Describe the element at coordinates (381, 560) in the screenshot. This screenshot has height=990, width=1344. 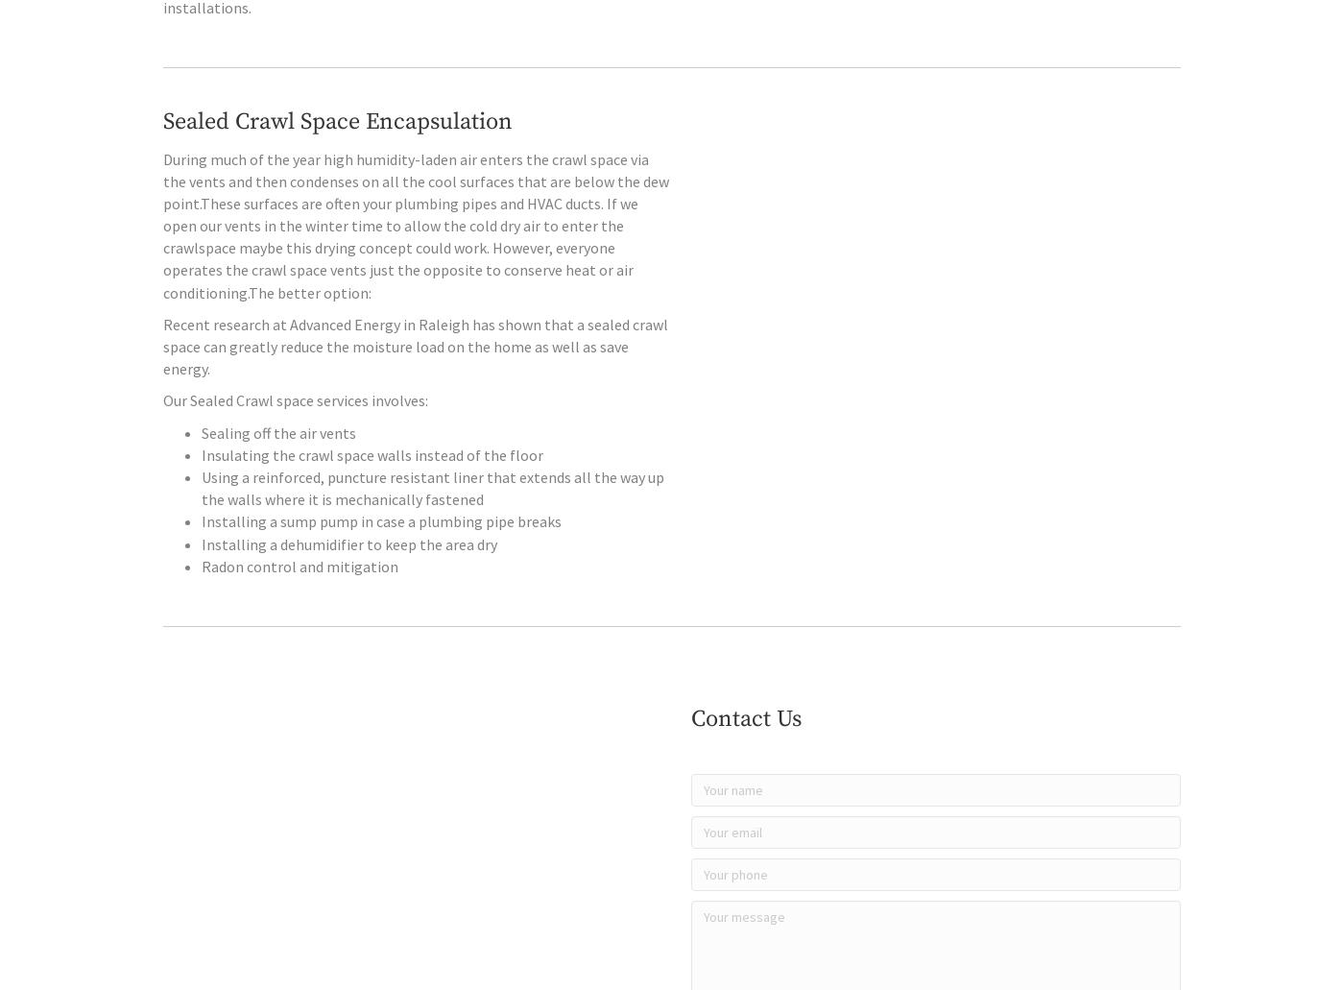
I see `'Installing a sump pump in case a plumbing pipe breaks'` at that location.